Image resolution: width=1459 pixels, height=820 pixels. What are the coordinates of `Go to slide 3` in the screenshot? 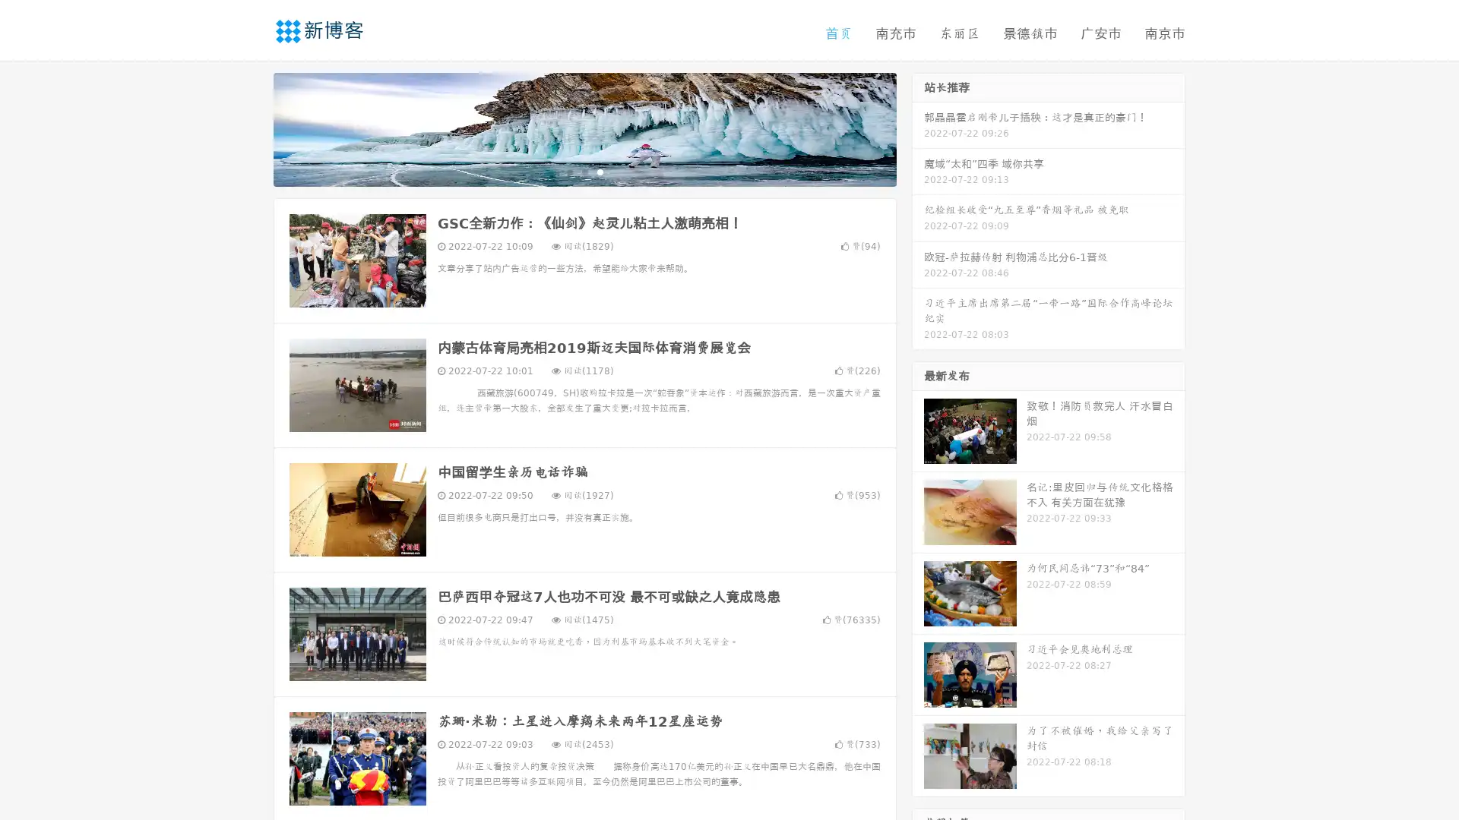 It's located at (600, 171).